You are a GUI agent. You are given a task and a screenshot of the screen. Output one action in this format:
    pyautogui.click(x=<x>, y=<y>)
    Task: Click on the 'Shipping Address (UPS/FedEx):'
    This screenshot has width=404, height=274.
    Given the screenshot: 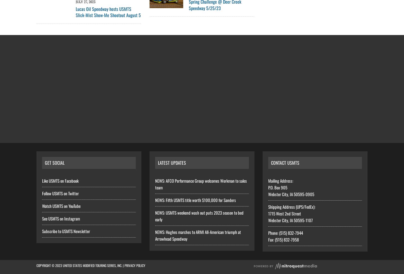 What is the action you would take?
    pyautogui.click(x=268, y=206)
    